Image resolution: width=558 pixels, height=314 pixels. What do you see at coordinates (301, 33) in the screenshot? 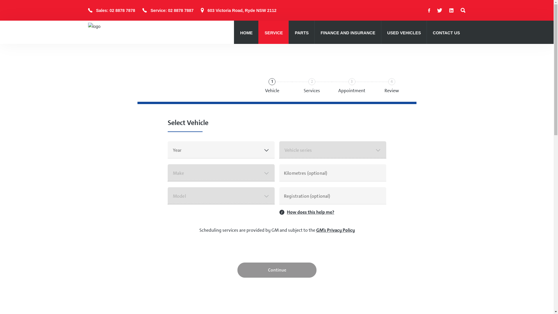
I see `'PARTS'` at bounding box center [301, 33].